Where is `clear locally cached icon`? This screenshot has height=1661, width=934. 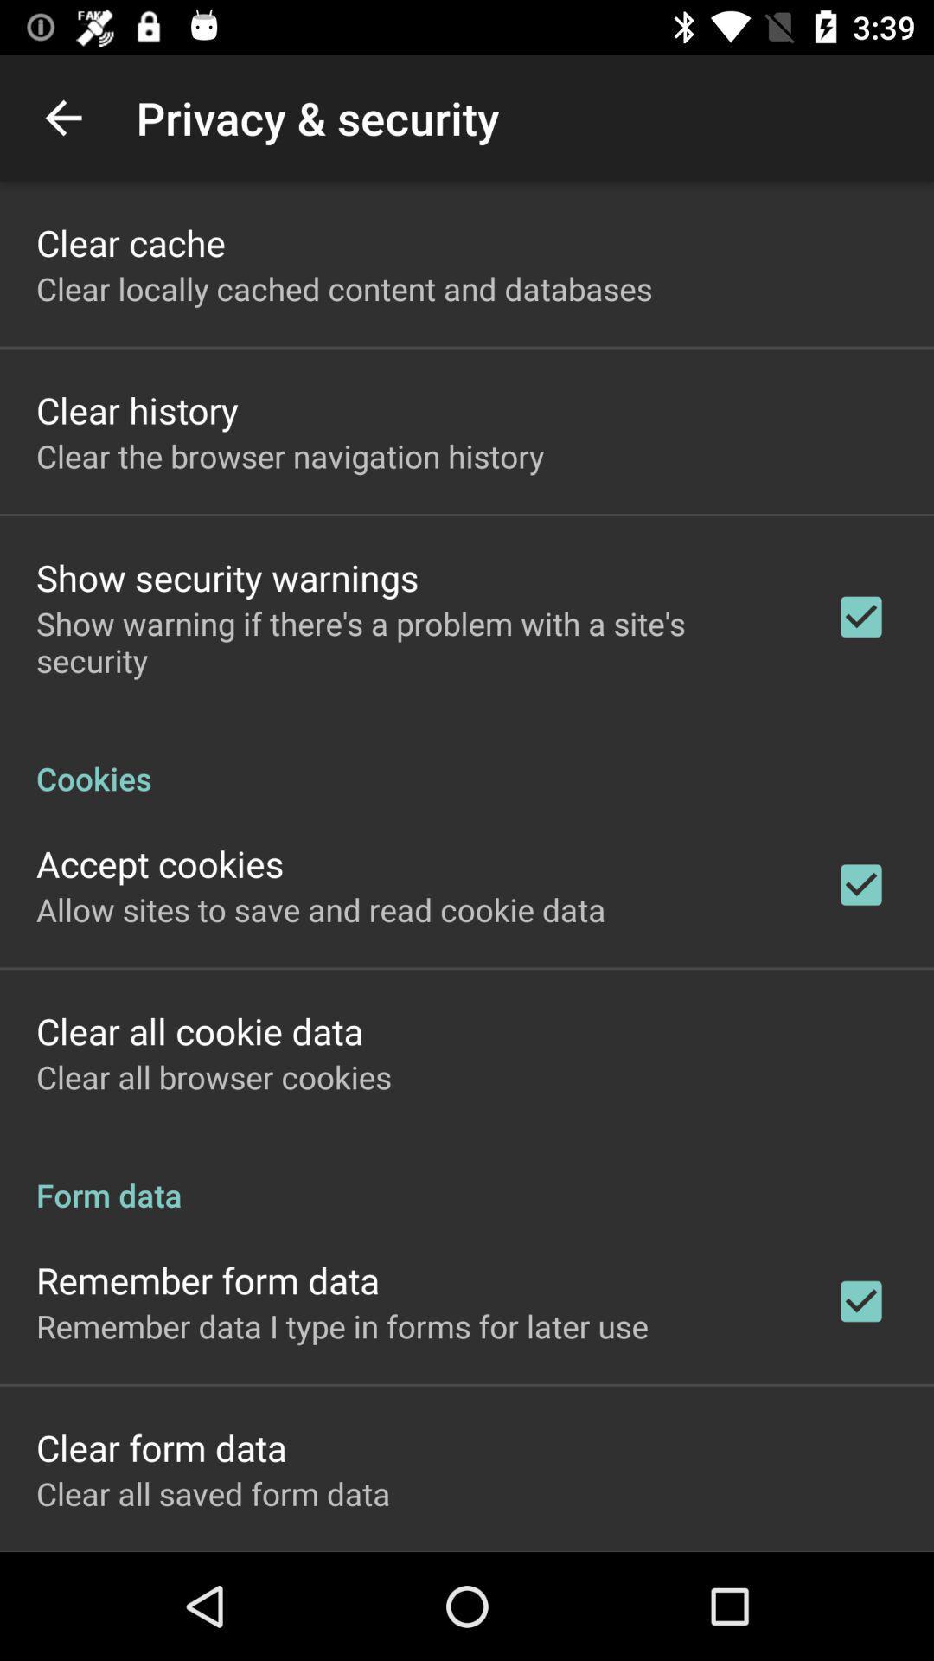
clear locally cached icon is located at coordinates (344, 288).